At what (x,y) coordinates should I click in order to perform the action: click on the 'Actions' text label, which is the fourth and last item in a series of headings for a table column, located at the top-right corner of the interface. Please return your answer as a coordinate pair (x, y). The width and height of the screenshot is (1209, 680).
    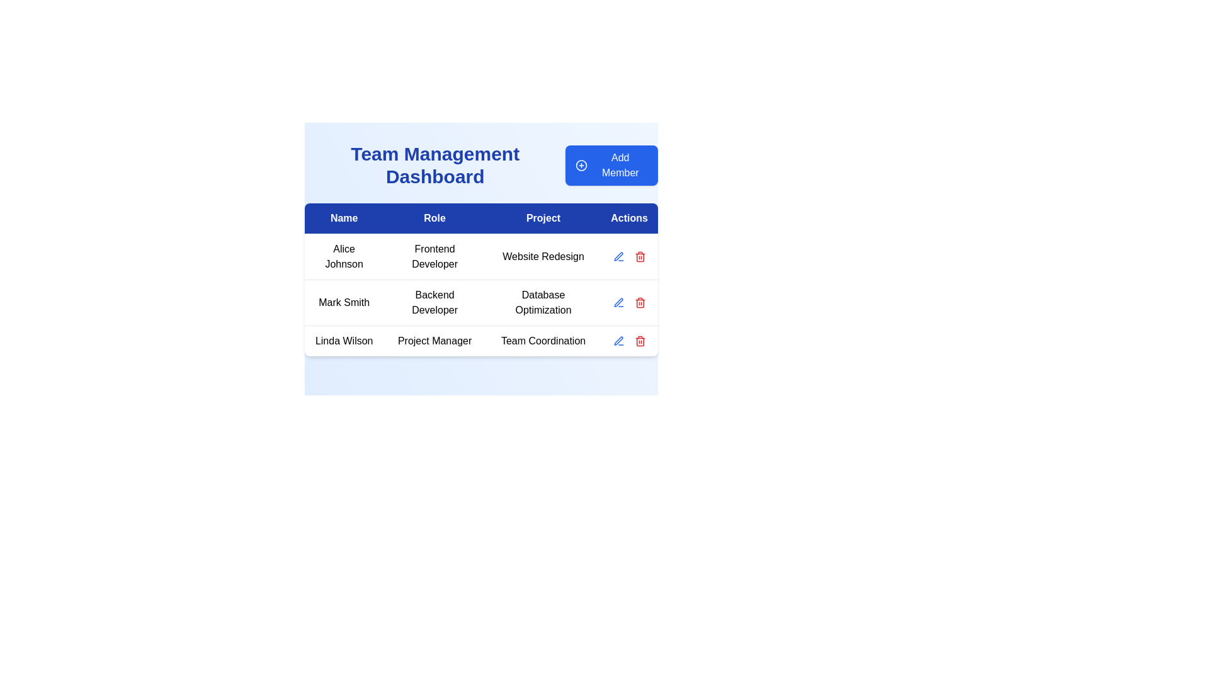
    Looking at the image, I should click on (629, 218).